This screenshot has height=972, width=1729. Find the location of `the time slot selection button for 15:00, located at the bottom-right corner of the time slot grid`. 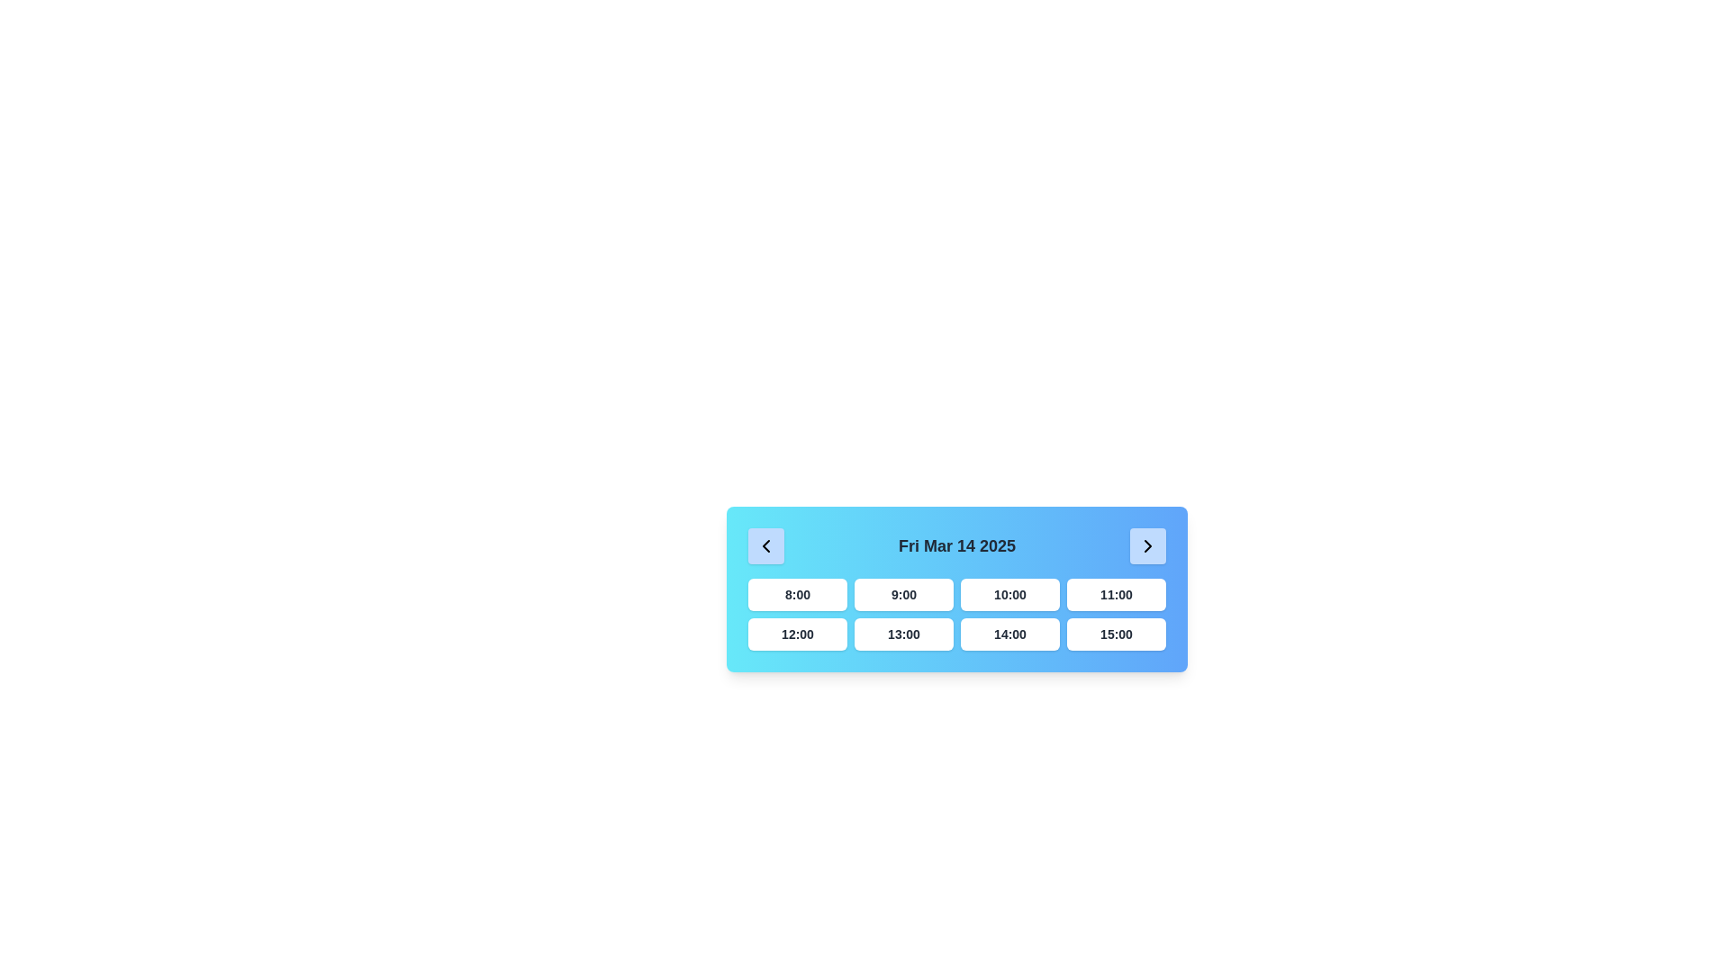

the time slot selection button for 15:00, located at the bottom-right corner of the time slot grid is located at coordinates (1115, 634).